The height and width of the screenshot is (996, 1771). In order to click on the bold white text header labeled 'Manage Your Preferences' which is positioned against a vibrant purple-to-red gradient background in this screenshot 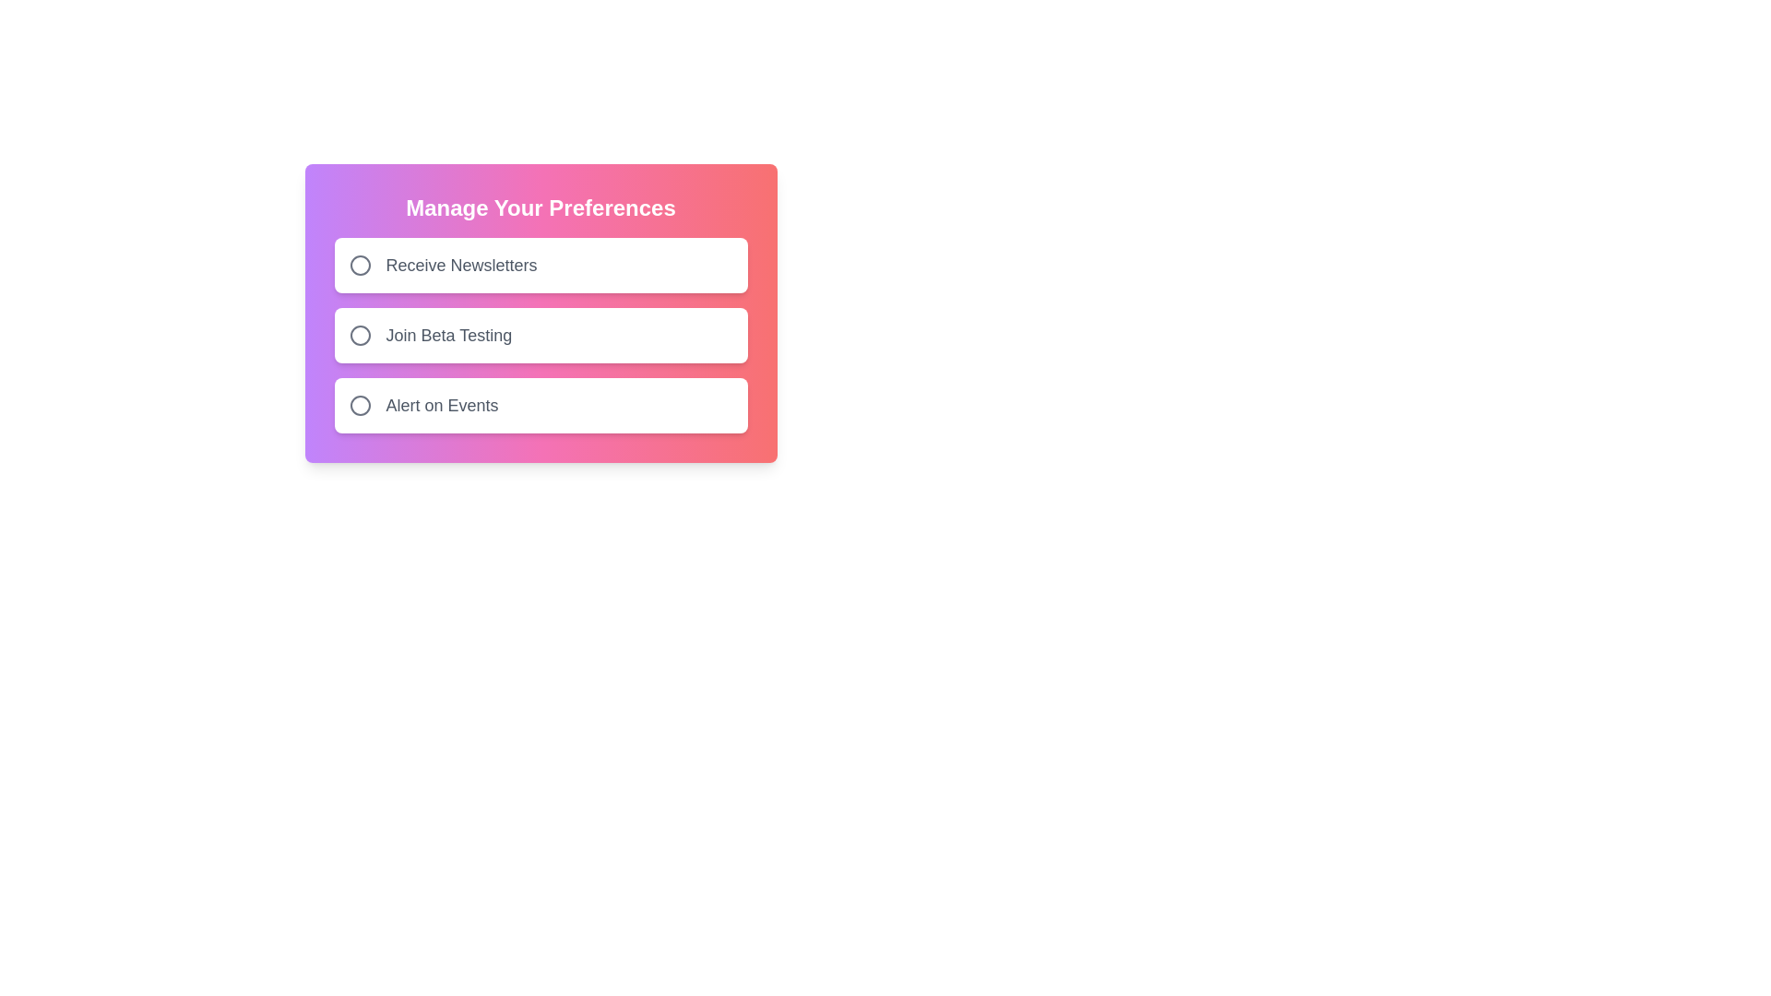, I will do `click(540, 207)`.